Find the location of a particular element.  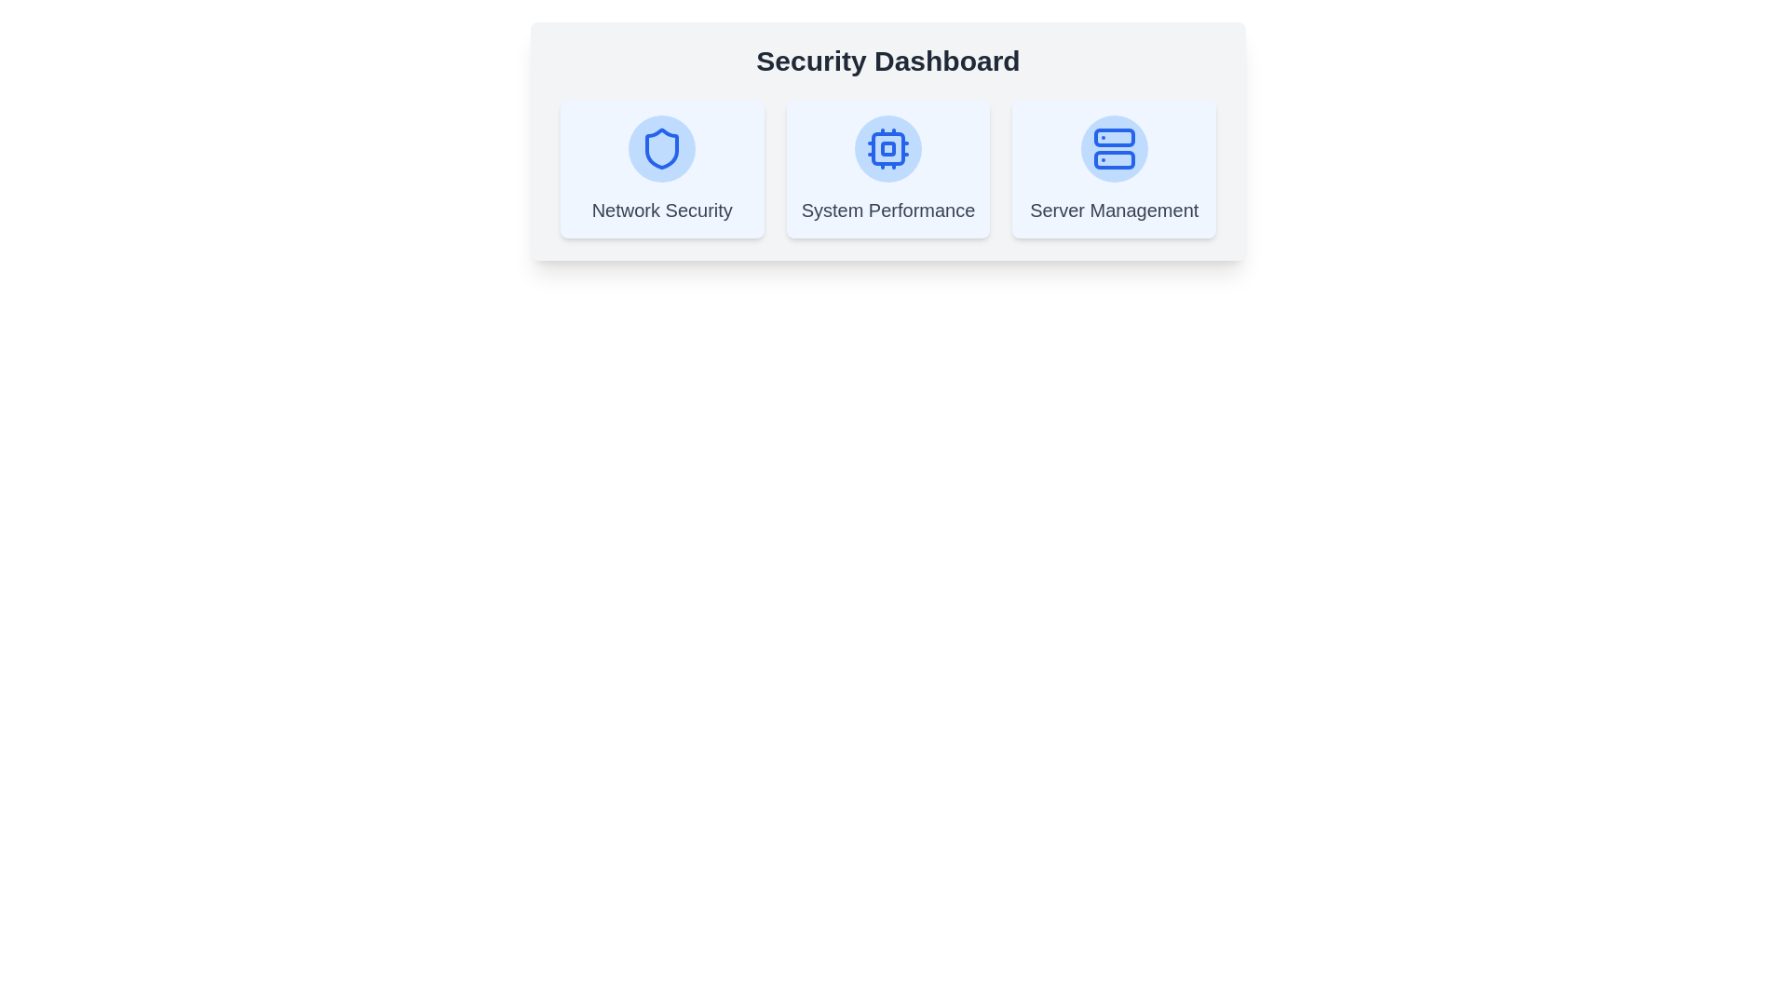

the text label that reads 'System Performance', which is styled with a gray color, medium font weight, and extra-large size, located centrally below an icon for system performance within a three-column layout is located at coordinates (887, 210).